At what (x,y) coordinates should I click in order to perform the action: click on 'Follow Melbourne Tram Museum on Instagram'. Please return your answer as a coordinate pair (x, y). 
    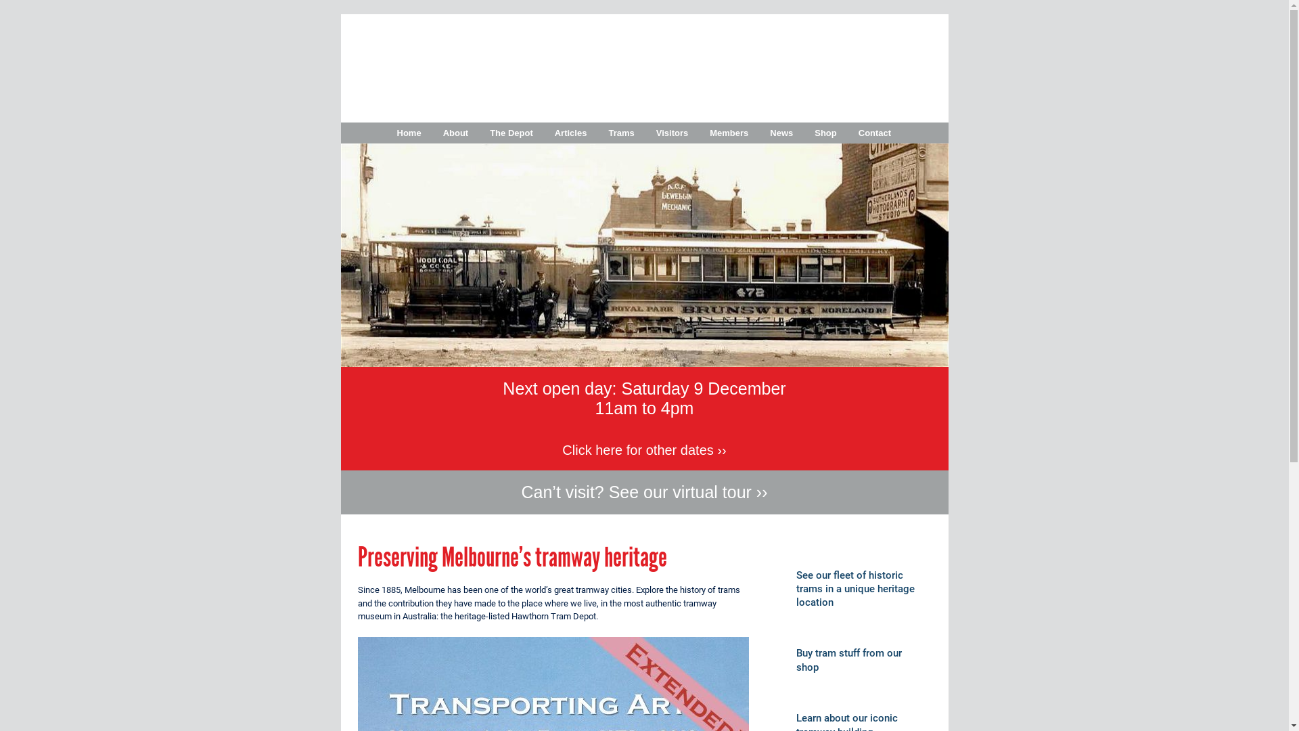
    Looking at the image, I should click on (1279, 130).